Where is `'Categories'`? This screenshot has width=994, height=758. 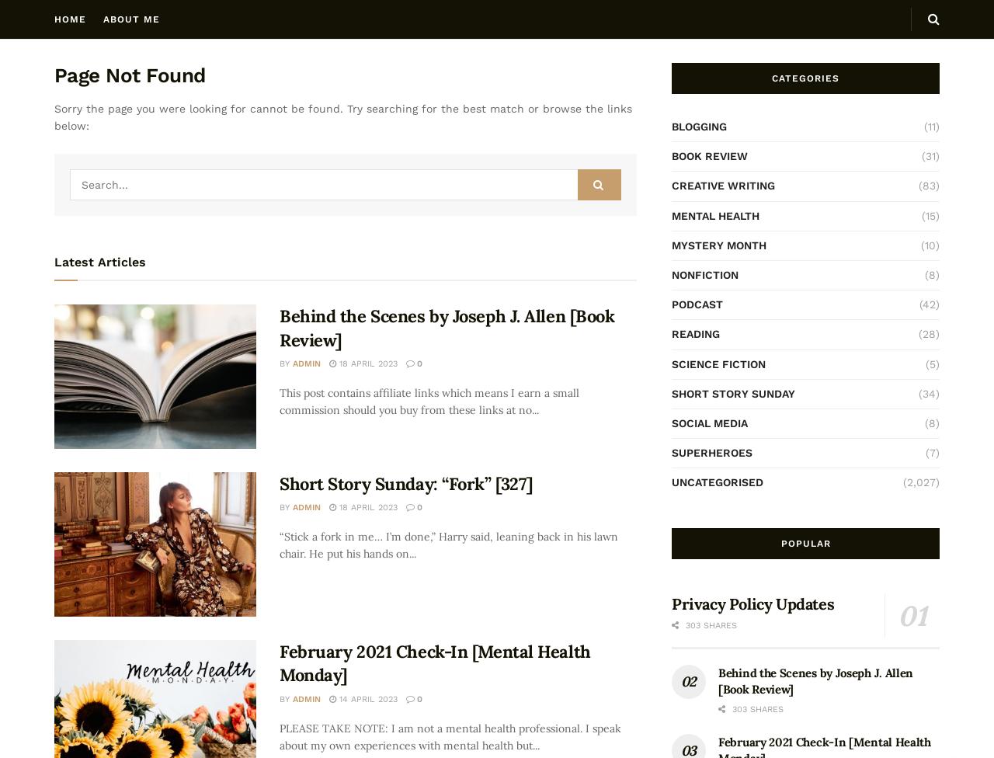 'Categories' is located at coordinates (772, 78).